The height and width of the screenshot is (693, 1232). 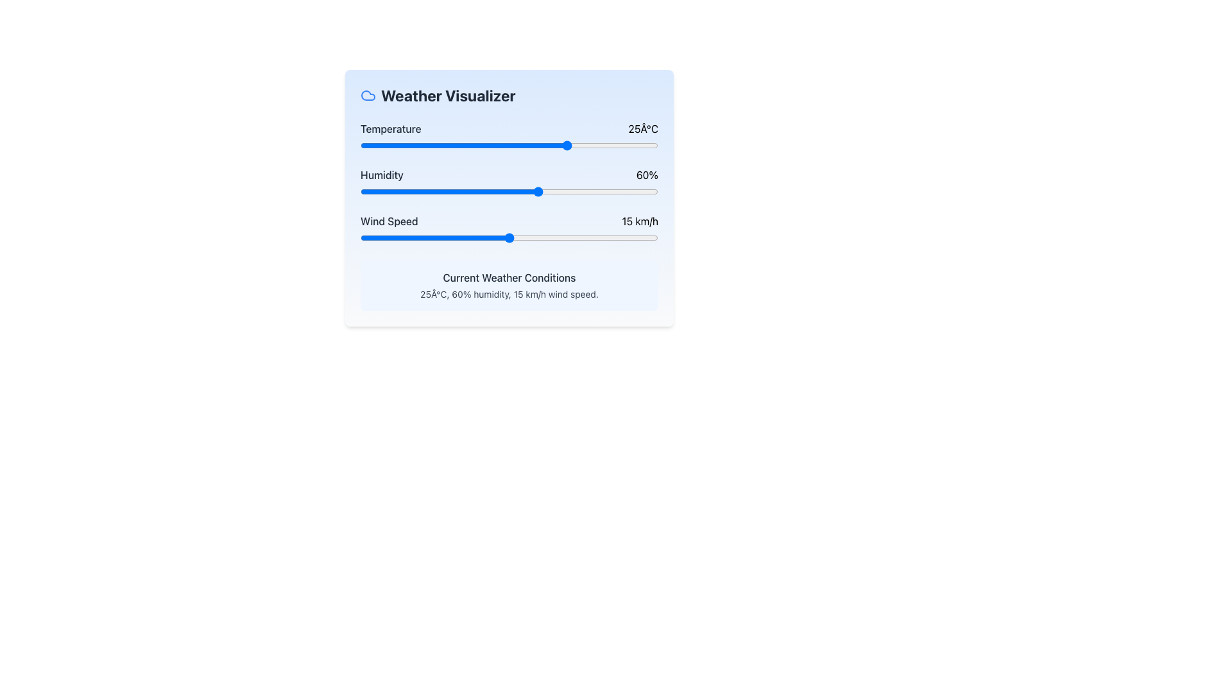 I want to click on wind speed, so click(x=598, y=237).